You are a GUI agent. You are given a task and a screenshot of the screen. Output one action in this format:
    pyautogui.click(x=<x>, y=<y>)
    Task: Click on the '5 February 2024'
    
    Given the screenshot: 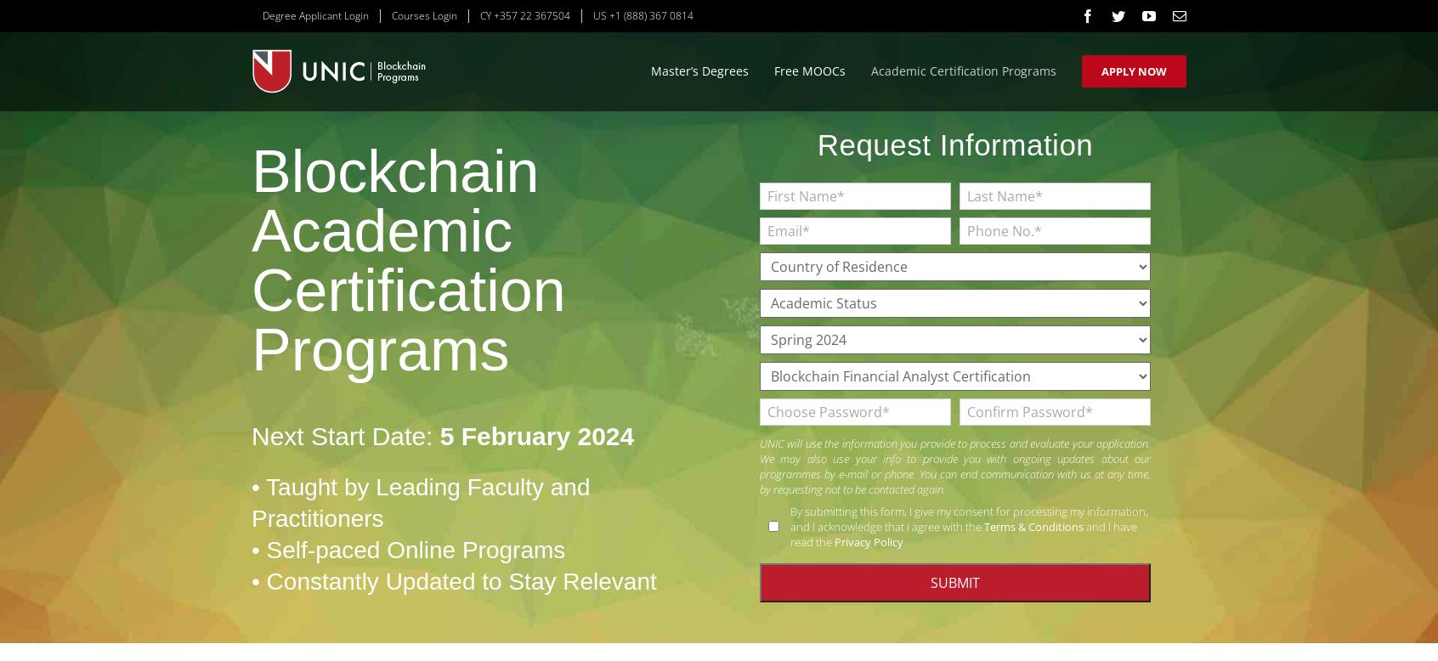 What is the action you would take?
    pyautogui.click(x=535, y=434)
    